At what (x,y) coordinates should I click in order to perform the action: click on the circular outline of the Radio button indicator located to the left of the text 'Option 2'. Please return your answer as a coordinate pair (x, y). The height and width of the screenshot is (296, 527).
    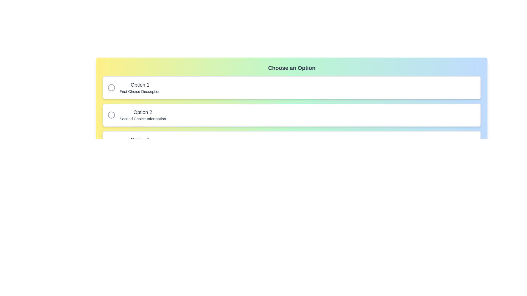
    Looking at the image, I should click on (111, 115).